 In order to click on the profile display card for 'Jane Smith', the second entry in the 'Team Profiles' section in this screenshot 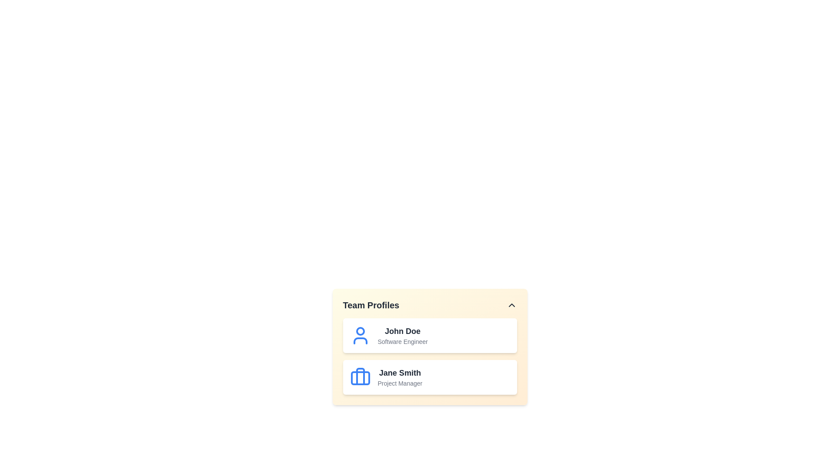, I will do `click(430, 357)`.